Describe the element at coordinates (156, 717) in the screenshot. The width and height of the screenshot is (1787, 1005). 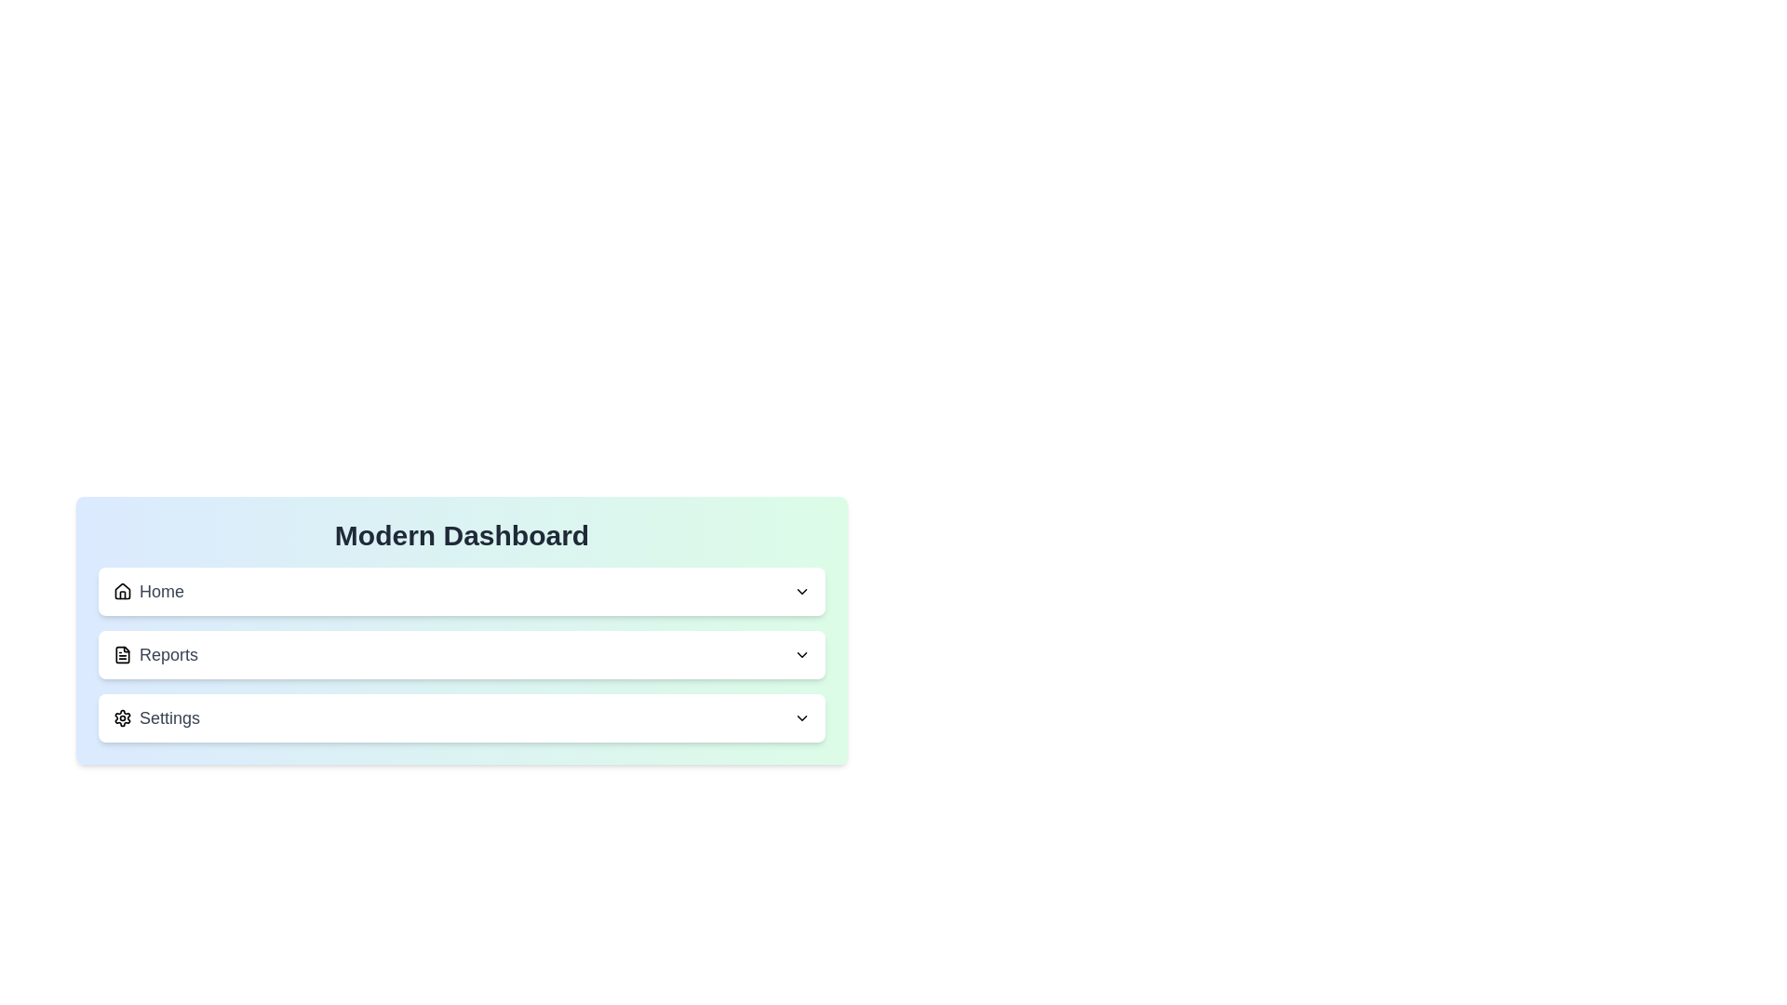
I see `the 'Settings' navigation menu item, which is the third item in a vertically arranged navigation menu containing a settings icon and styled text in dark color` at that location.